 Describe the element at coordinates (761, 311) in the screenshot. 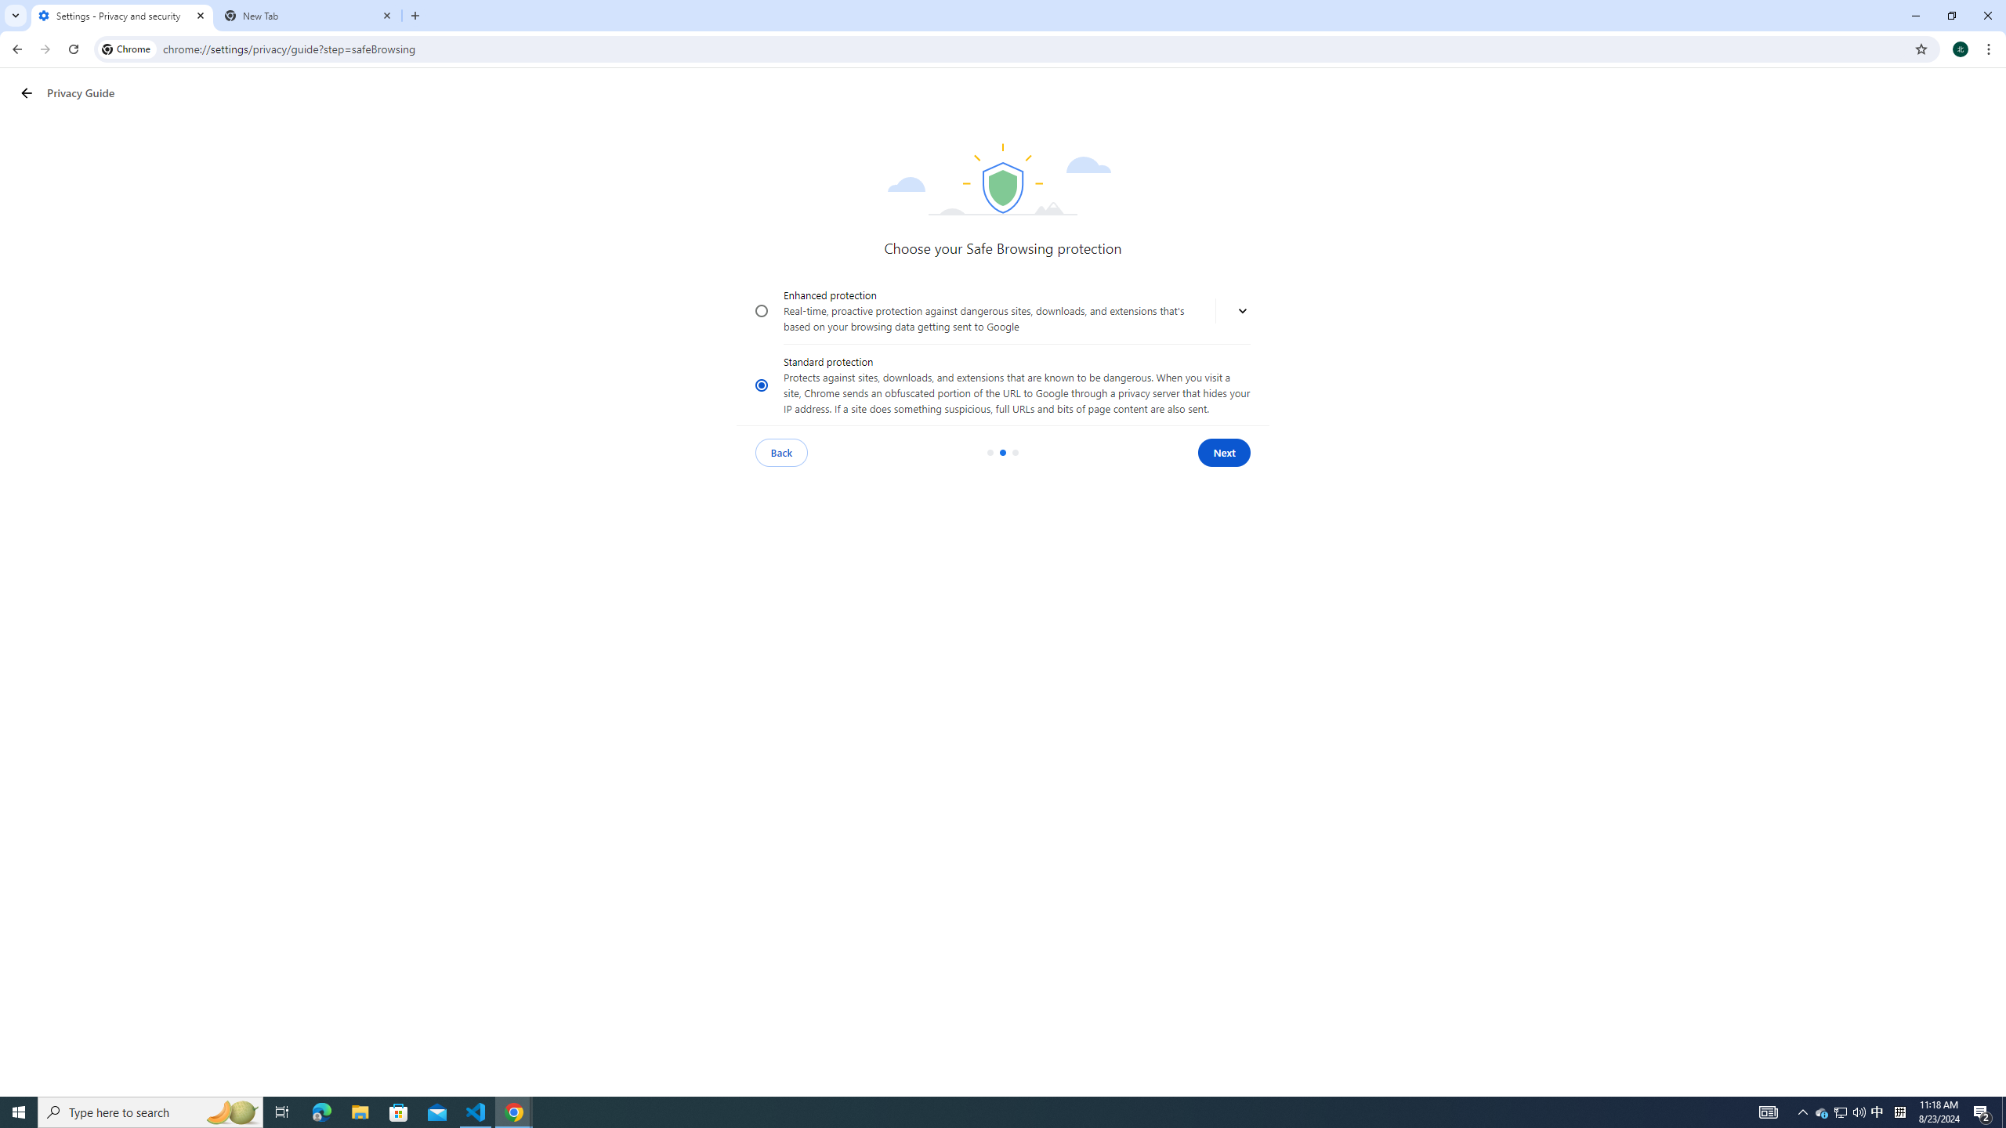

I see `'Enhanced protection'` at that location.